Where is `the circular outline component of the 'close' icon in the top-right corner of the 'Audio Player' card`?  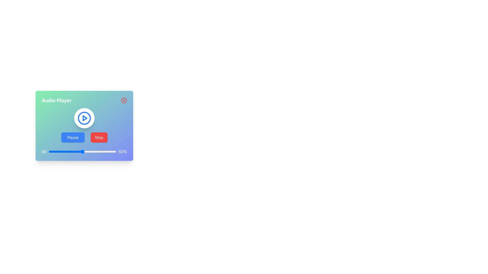
the circular outline component of the 'close' icon in the top-right corner of the 'Audio Player' card is located at coordinates (124, 100).